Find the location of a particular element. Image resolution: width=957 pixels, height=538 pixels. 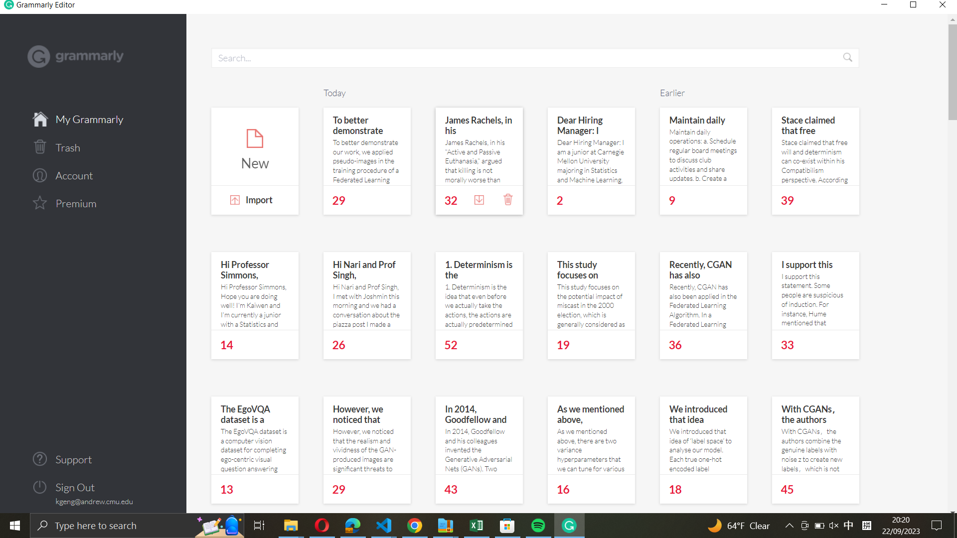

Search for documents from "Hi Nari and Prof Singh is located at coordinates (525, 57).